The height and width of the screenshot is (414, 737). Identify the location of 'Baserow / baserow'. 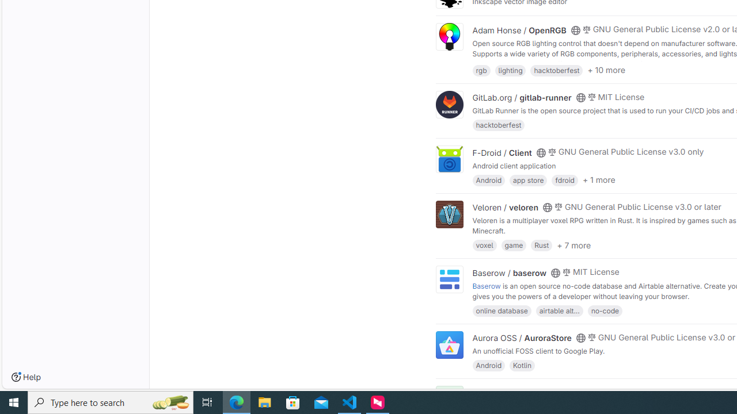
(509, 273).